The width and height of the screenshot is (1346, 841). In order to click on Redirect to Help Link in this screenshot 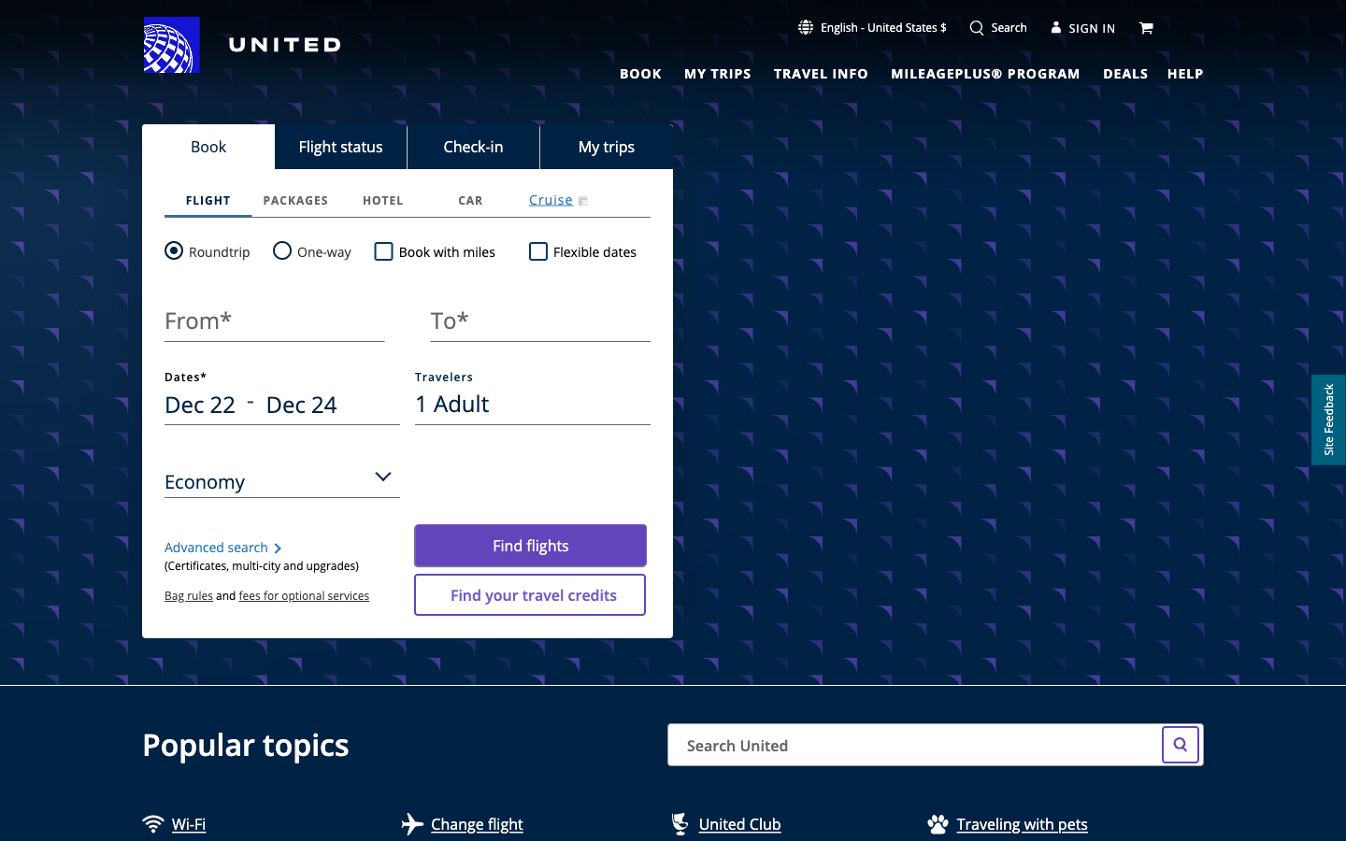, I will do `click(1185, 71)`.